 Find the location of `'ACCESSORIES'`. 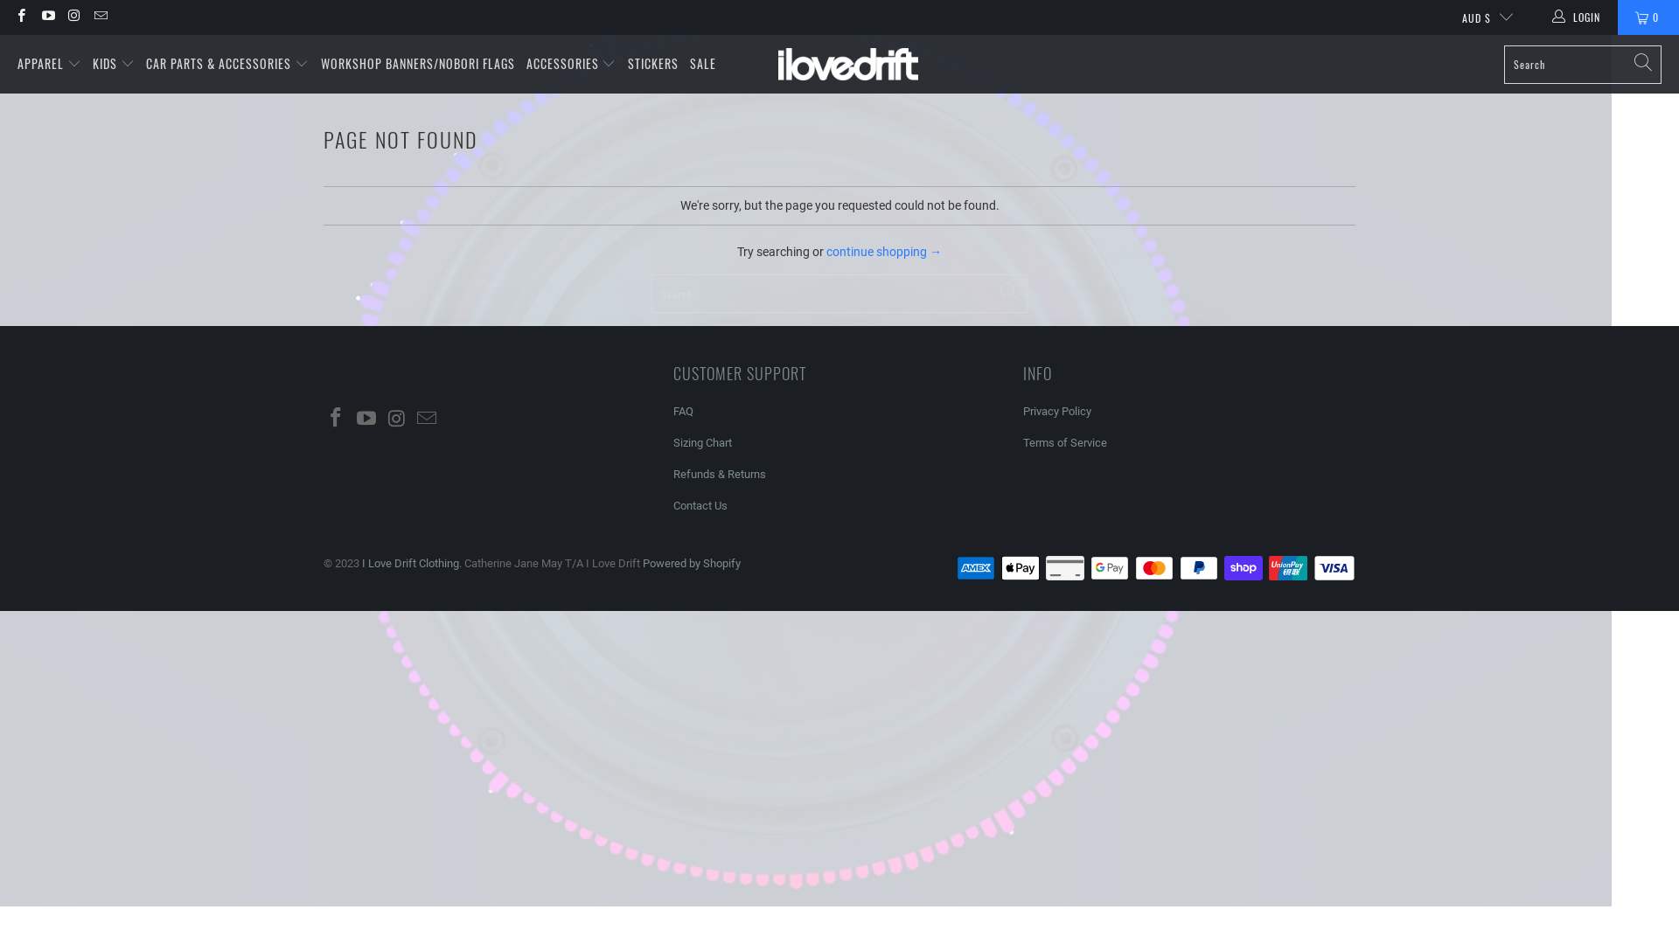

'ACCESSORIES' is located at coordinates (571, 63).